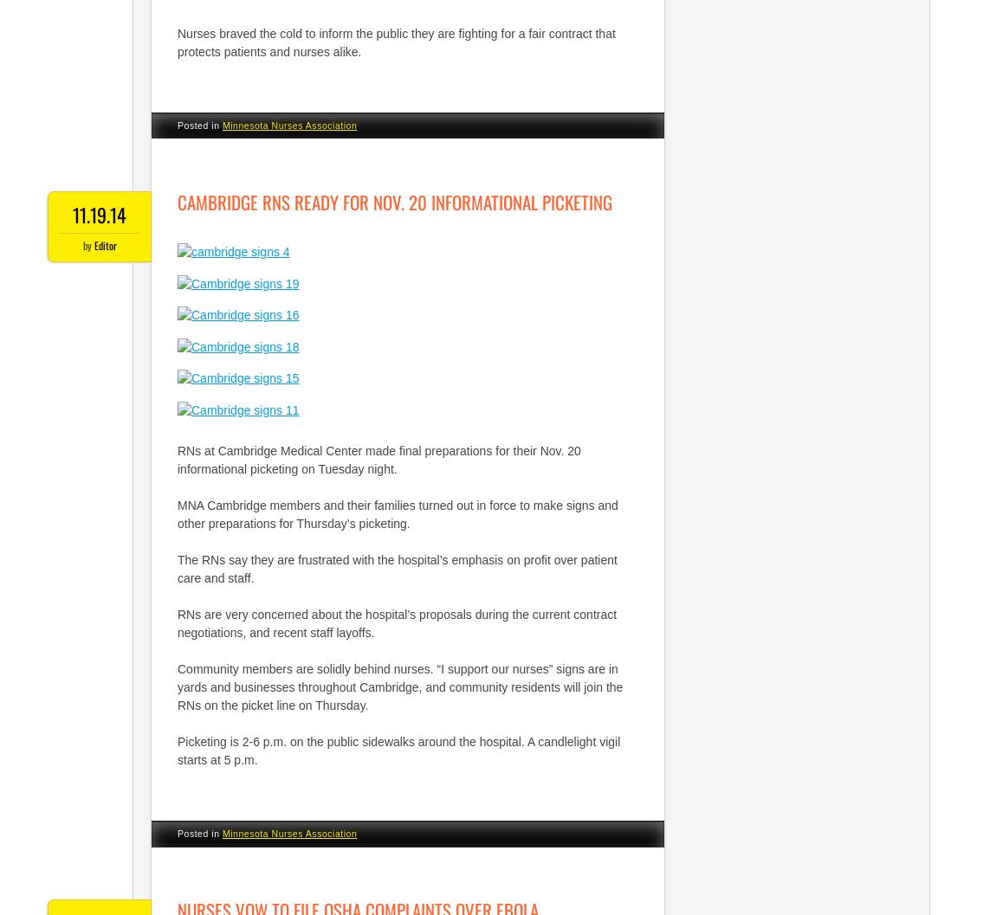 The width and height of the screenshot is (996, 915). Describe the element at coordinates (397, 512) in the screenshot. I see `'MNA Cambridge members and their families turned out in force to make signs and other preparations for Thursday’s picketing.'` at that location.